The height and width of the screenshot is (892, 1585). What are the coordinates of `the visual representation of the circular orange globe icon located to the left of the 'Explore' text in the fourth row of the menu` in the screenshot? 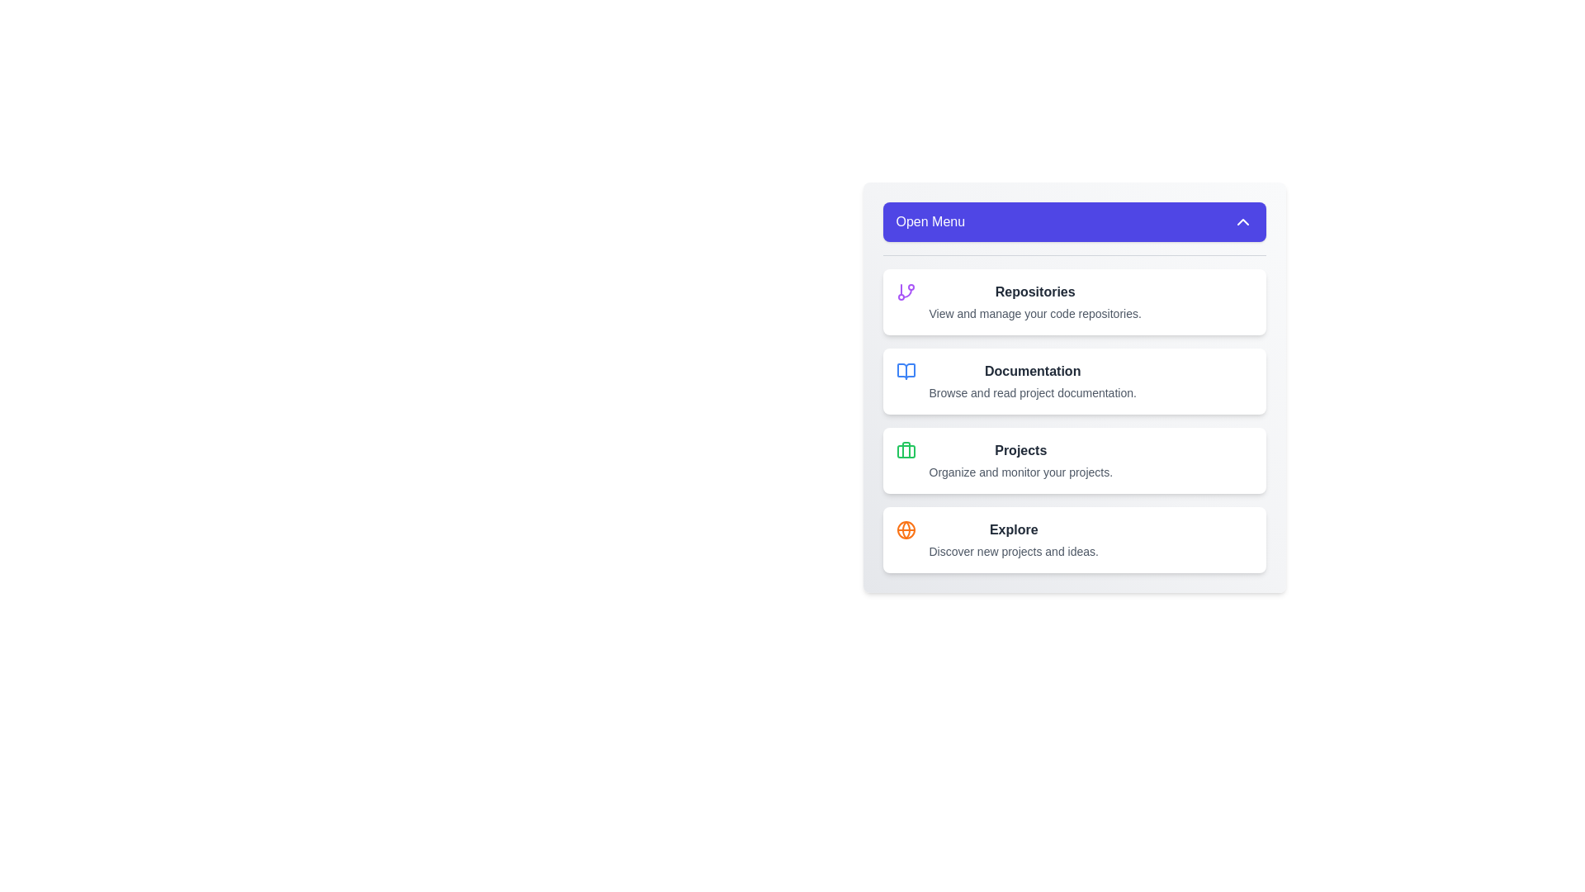 It's located at (905, 529).